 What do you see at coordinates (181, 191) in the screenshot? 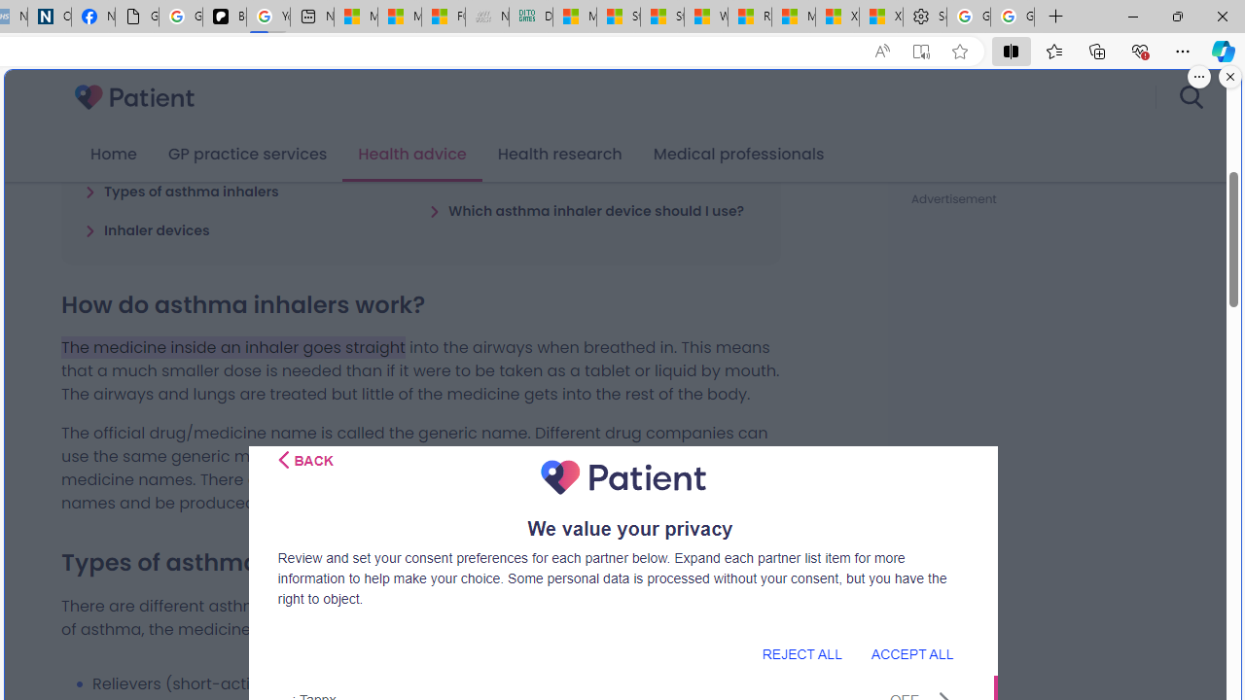
I see `'Types of asthma inhalers'` at bounding box center [181, 191].